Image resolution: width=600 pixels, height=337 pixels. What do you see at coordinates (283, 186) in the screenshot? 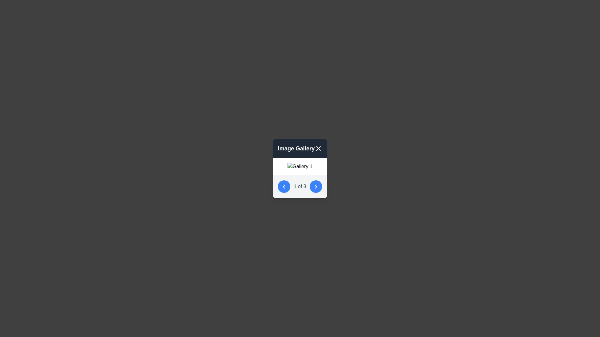
I see `the first interactive button in the navigation bar below the gallery image` at bounding box center [283, 186].